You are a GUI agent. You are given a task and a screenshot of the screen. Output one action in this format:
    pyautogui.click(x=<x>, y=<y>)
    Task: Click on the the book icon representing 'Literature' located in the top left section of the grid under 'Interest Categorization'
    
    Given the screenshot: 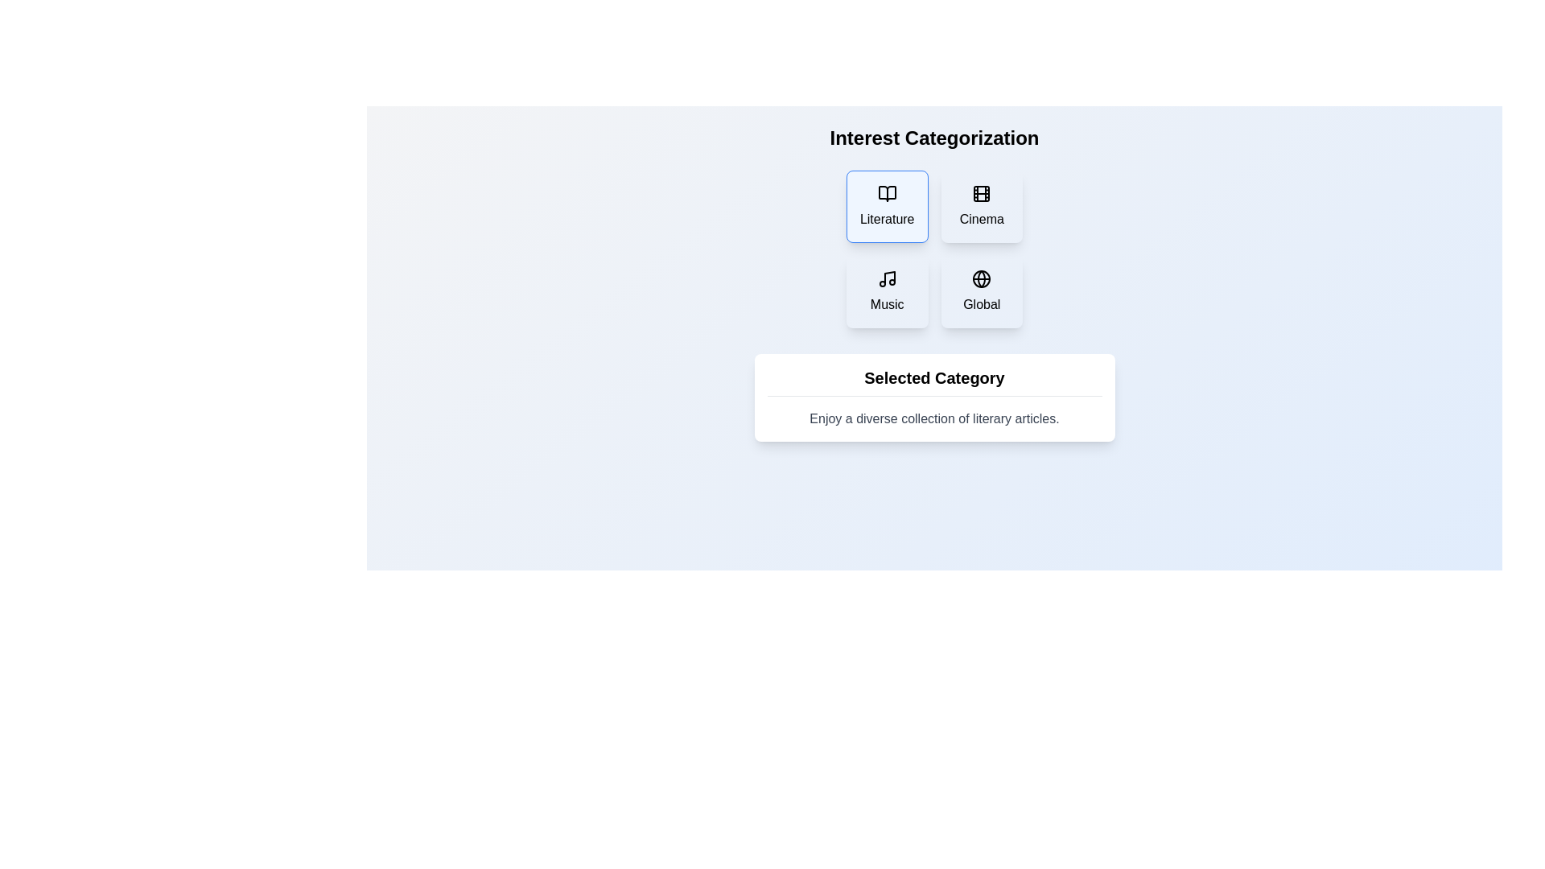 What is the action you would take?
    pyautogui.click(x=886, y=192)
    